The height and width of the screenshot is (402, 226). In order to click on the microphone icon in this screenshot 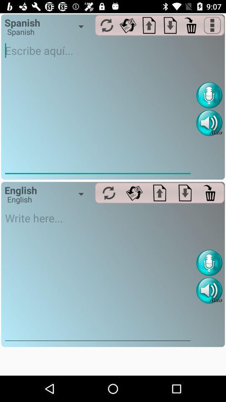, I will do `click(209, 95)`.